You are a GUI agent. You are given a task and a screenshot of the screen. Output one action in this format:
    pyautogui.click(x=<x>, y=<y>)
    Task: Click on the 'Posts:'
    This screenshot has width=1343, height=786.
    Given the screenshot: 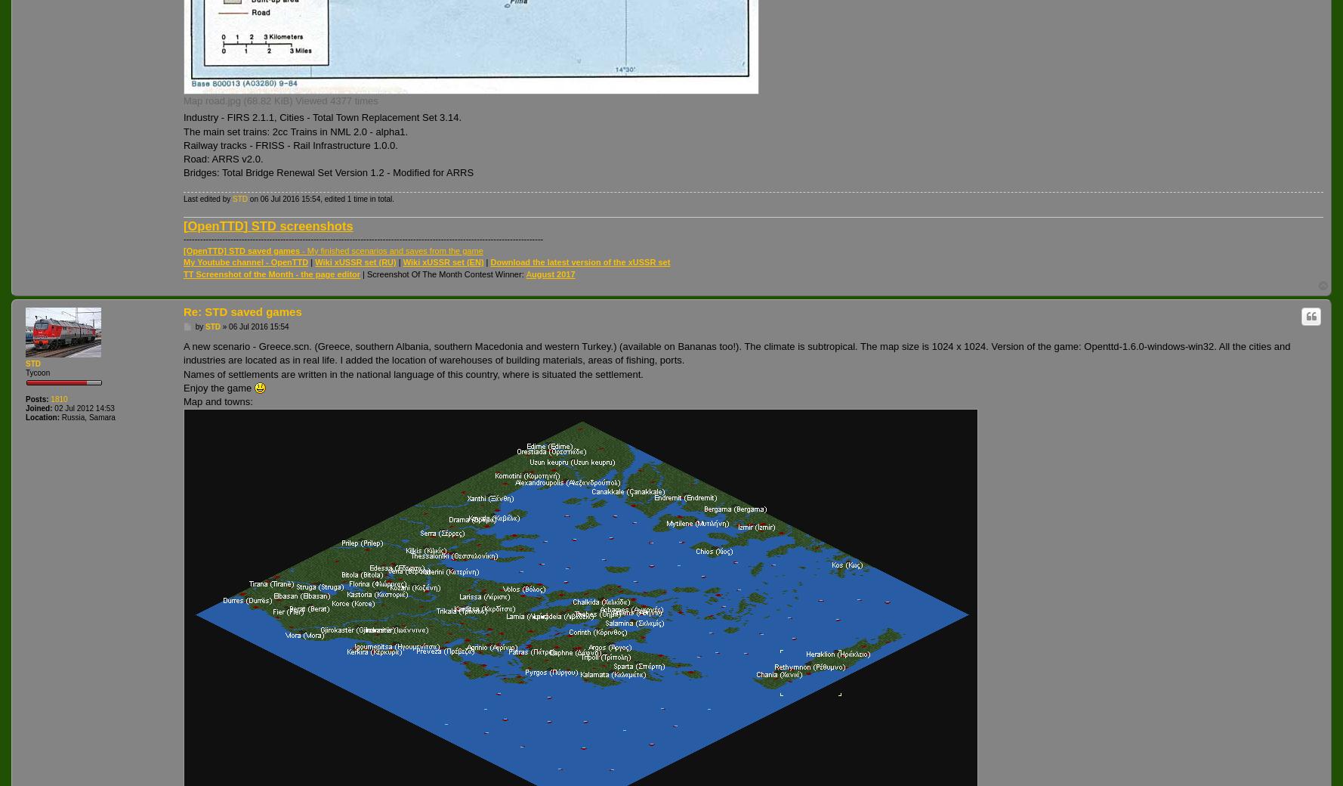 What is the action you would take?
    pyautogui.click(x=37, y=398)
    